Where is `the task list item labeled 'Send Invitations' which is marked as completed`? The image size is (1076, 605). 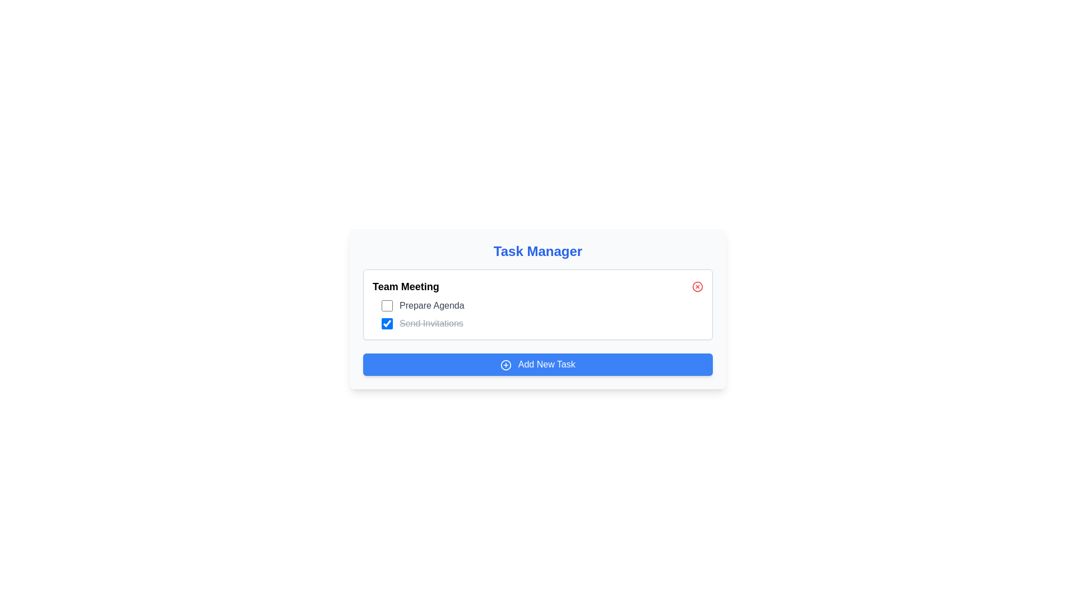
the task list item labeled 'Send Invitations' which is marked as completed is located at coordinates (542, 324).